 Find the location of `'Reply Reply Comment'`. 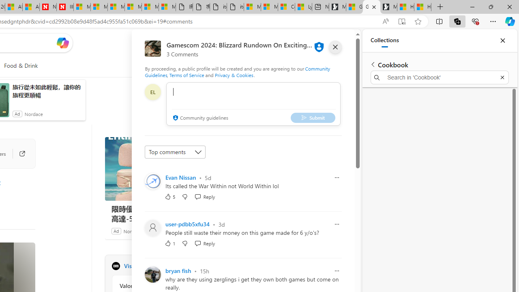

'Reply Reply Comment' is located at coordinates (205, 243).